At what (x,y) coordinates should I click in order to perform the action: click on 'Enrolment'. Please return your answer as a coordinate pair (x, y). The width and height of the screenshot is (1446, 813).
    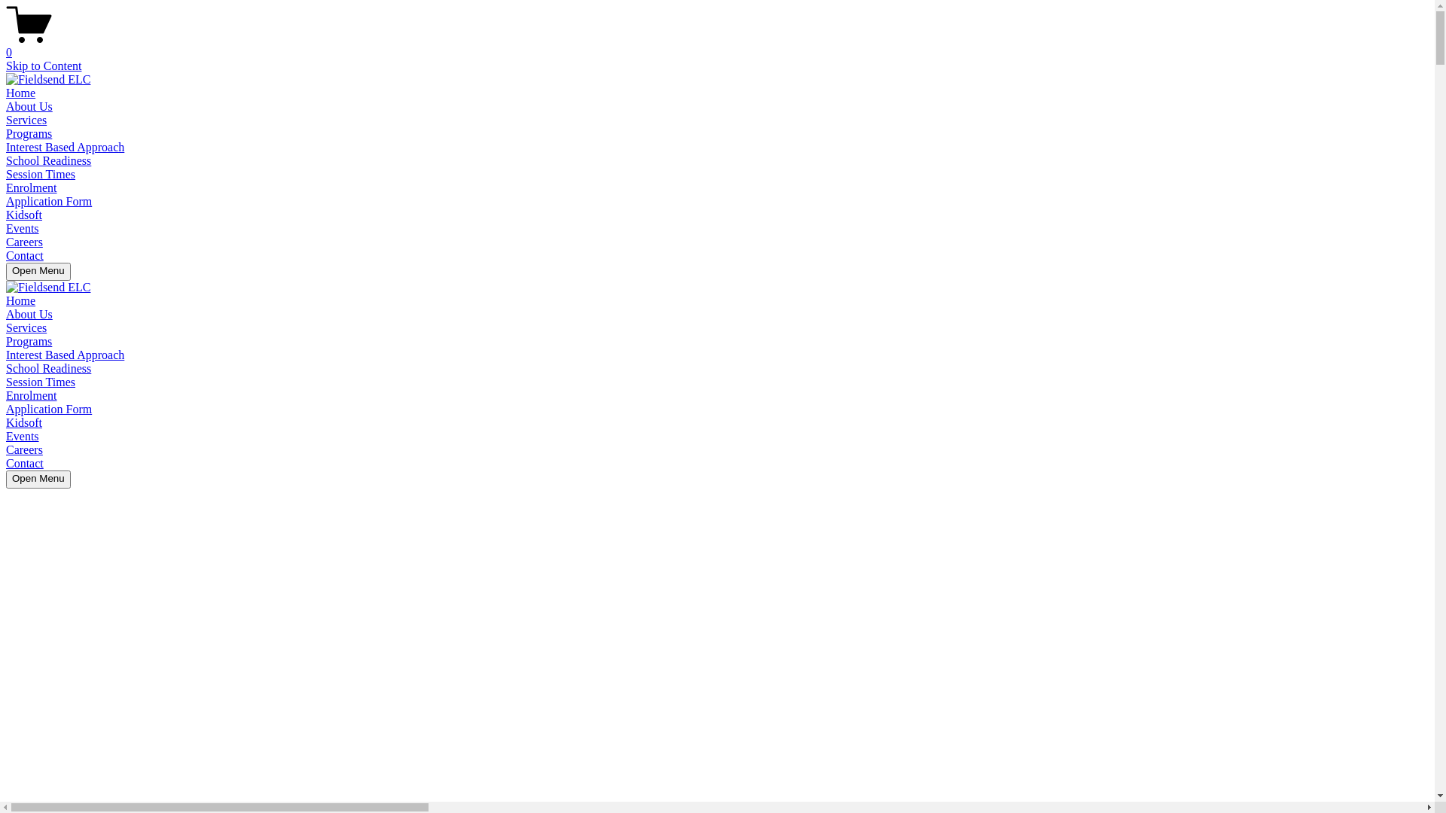
    Looking at the image, I should click on (6, 187).